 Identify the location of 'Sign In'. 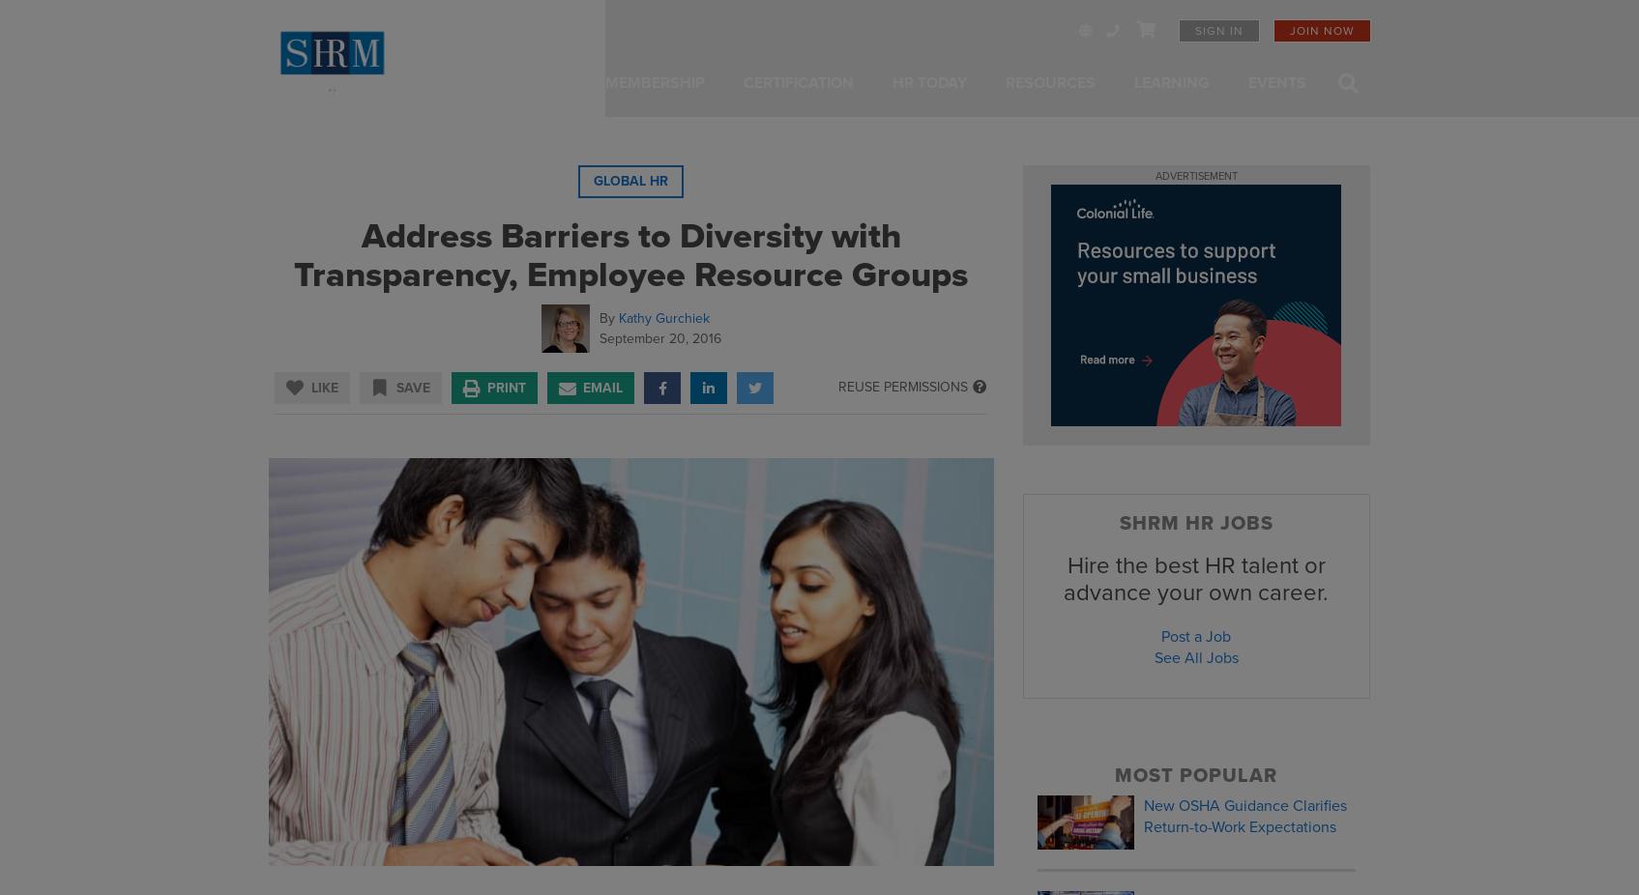
(1217, 30).